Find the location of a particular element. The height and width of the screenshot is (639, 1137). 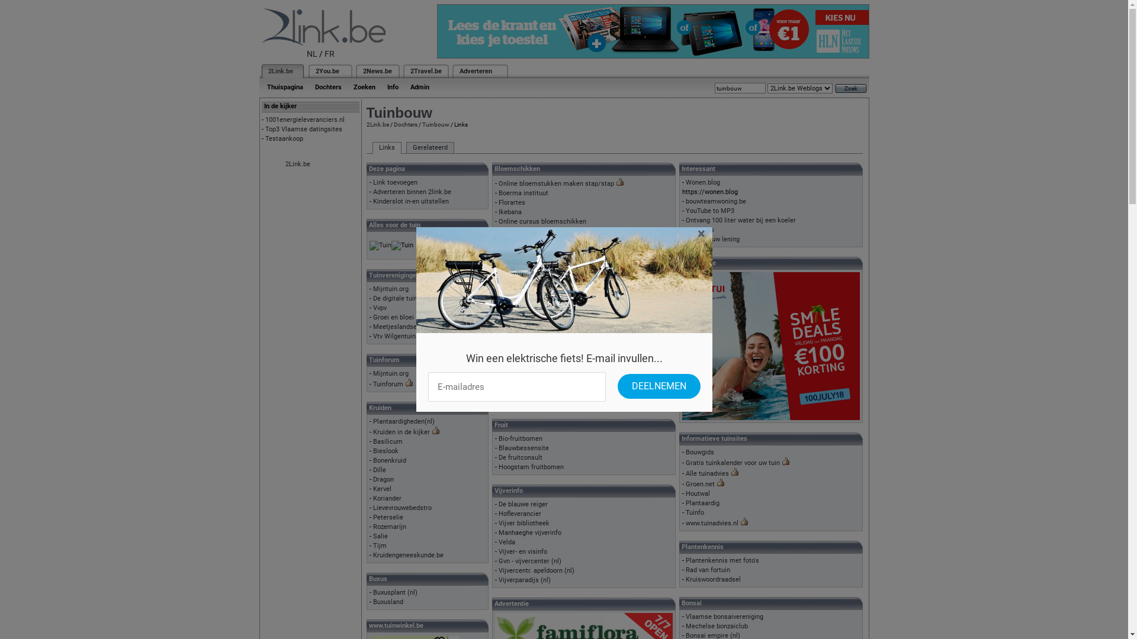

'Bieslook' is located at coordinates (372, 451).